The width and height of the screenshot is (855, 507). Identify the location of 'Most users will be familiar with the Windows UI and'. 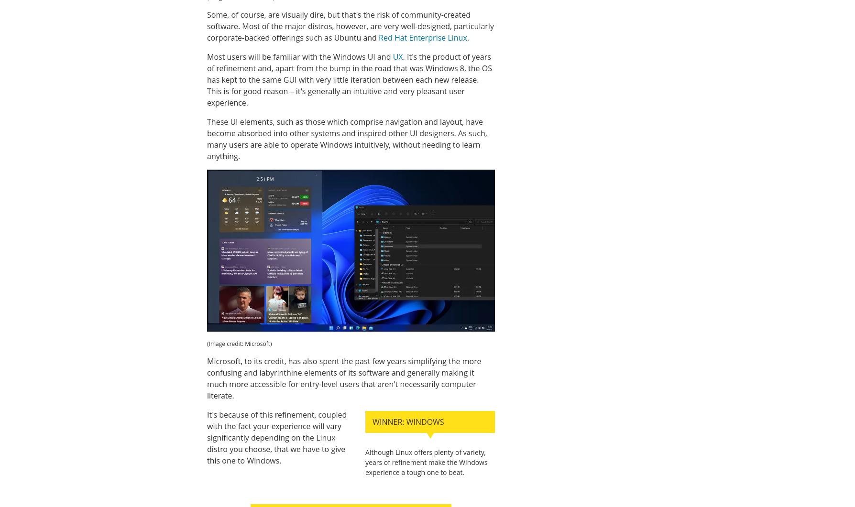
(207, 56).